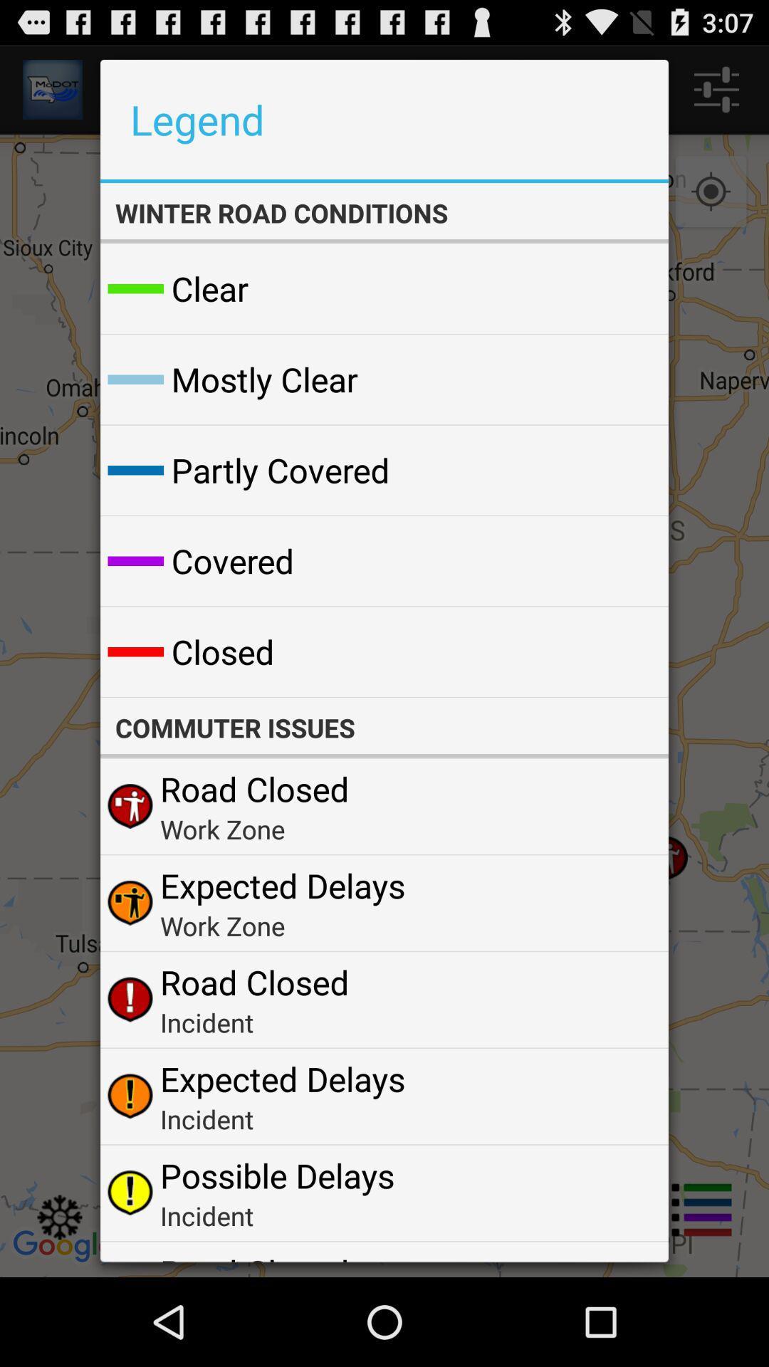 The image size is (769, 1367). I want to click on the app below incident icon, so click(277, 1175).